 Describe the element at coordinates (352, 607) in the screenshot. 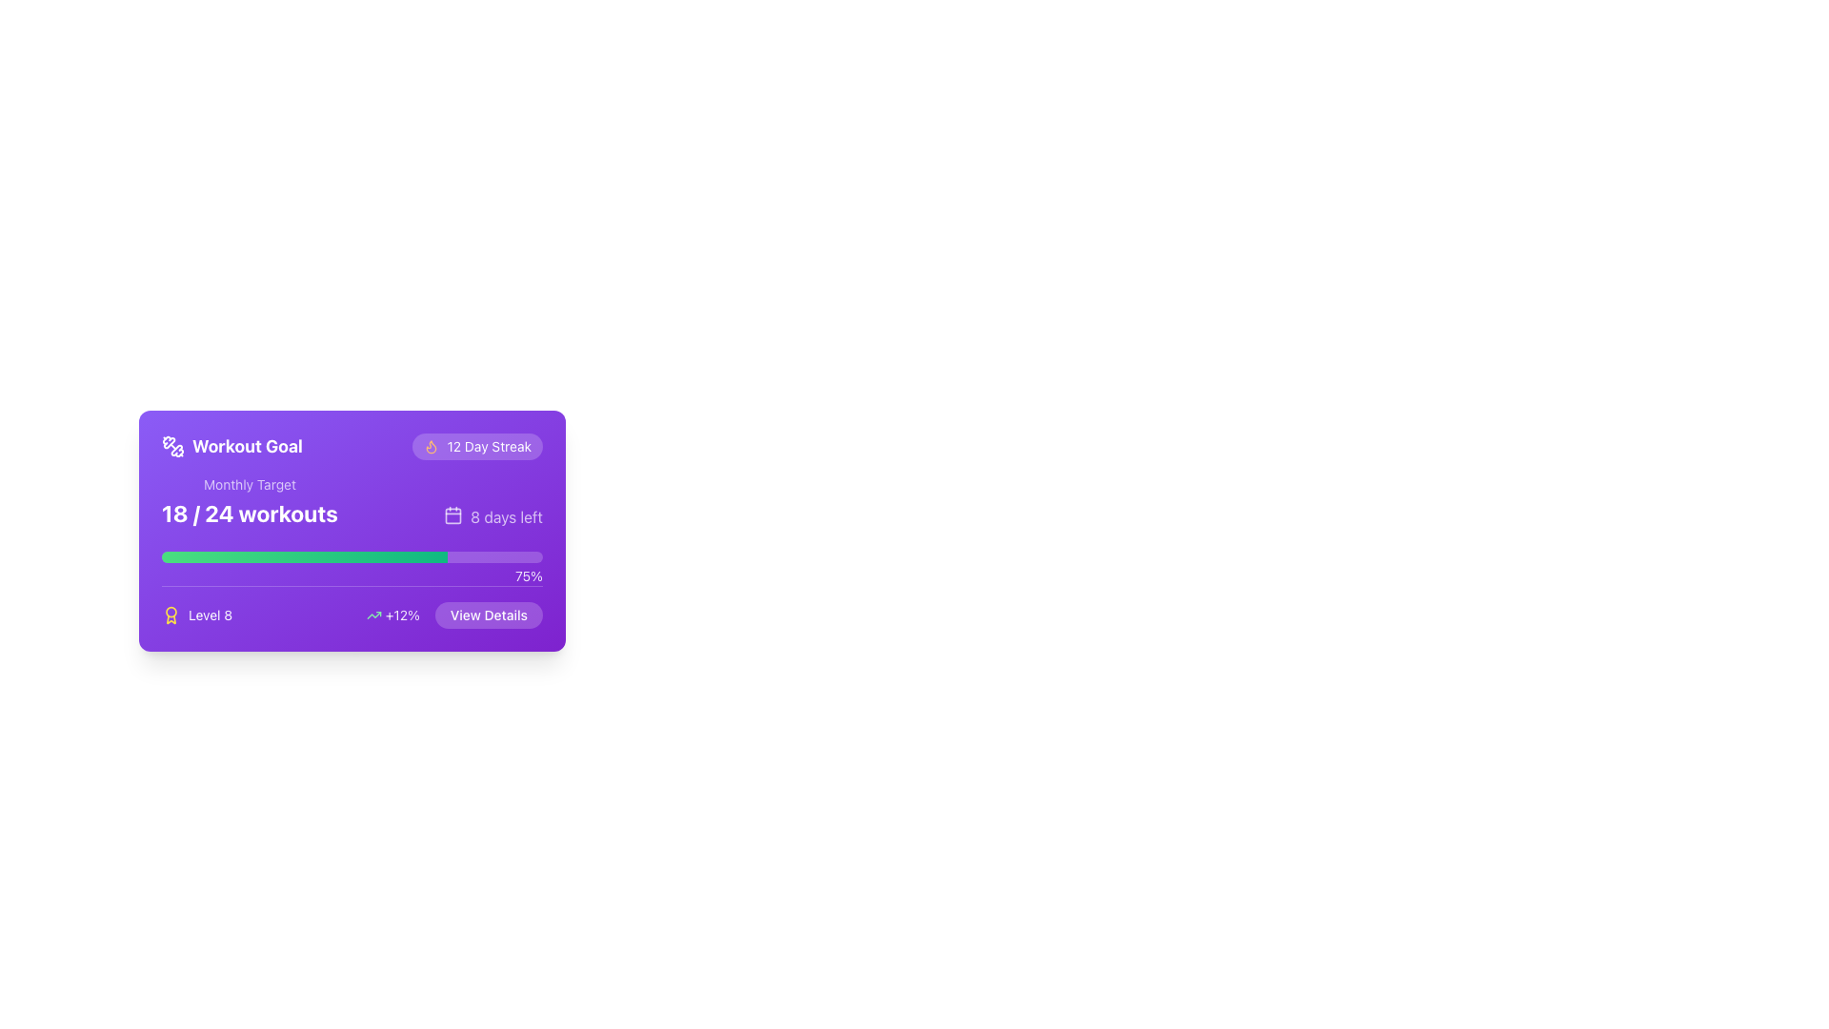

I see `the '+12%' percentage change indicator within the Composite component` at that location.